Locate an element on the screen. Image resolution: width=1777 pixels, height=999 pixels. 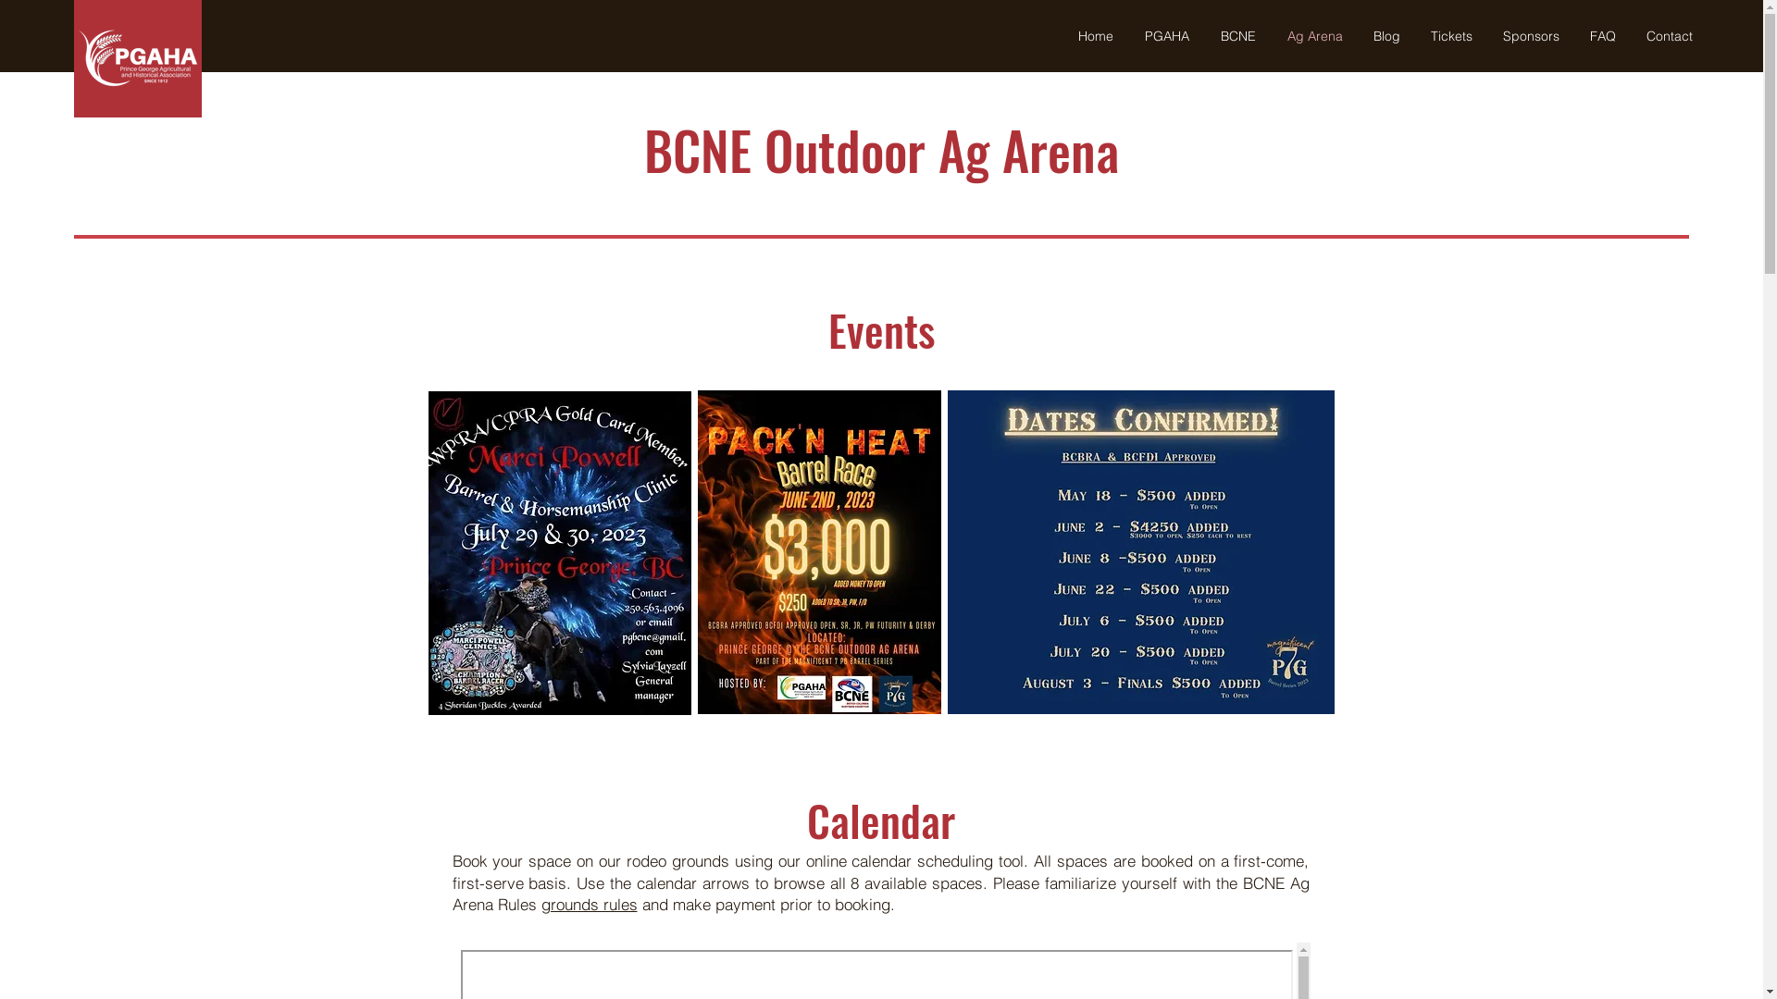
'Home' is located at coordinates (1096, 35).